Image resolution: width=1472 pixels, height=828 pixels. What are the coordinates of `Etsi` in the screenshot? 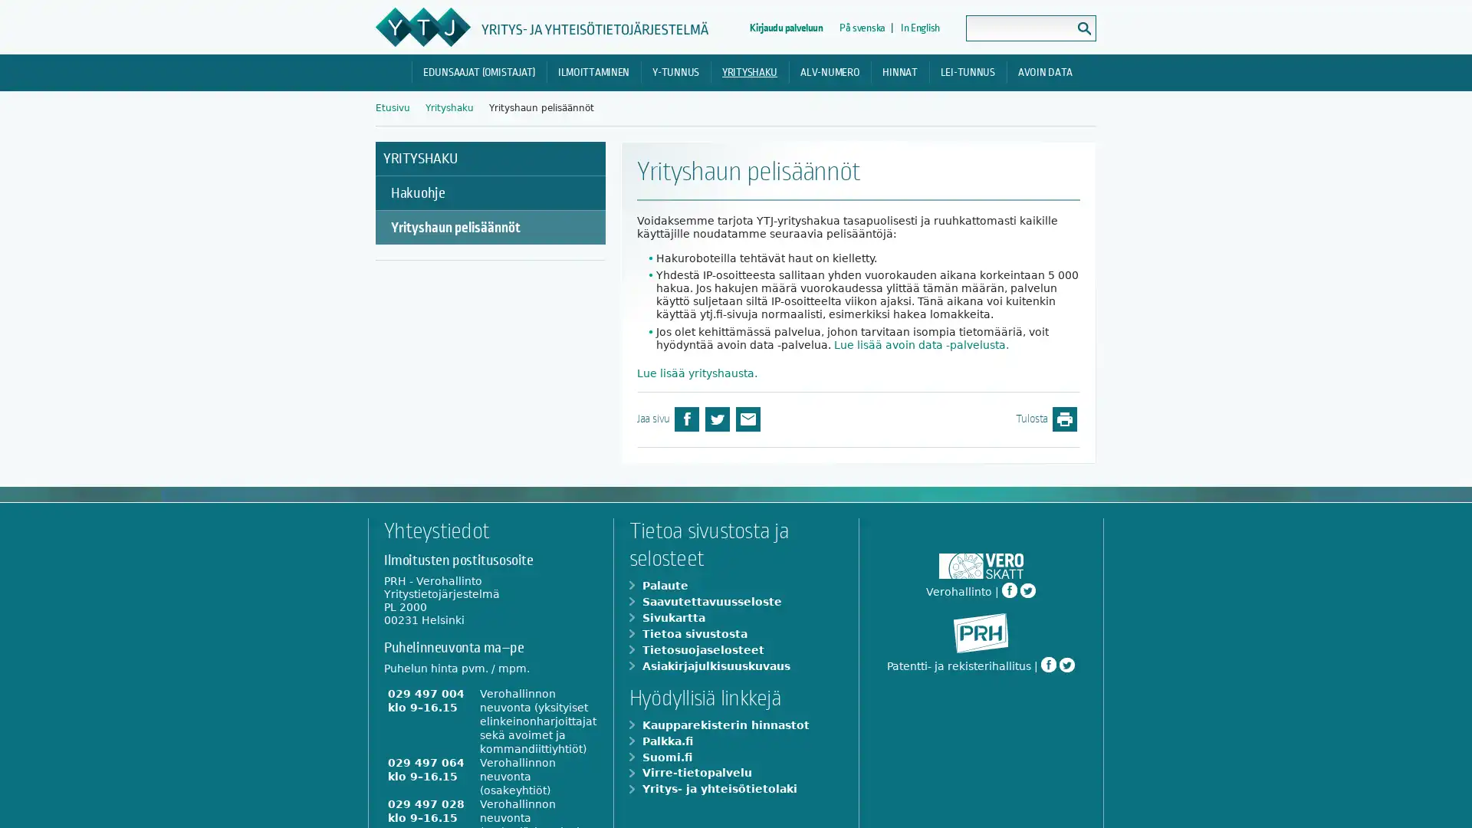 It's located at (1083, 28).